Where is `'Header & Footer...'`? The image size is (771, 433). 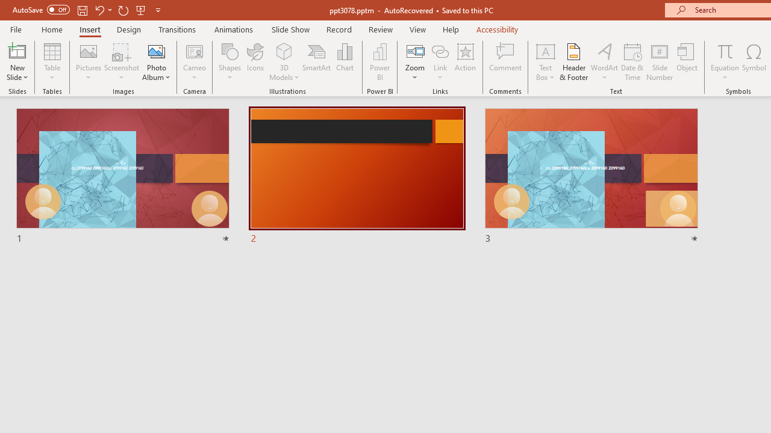 'Header & Footer...' is located at coordinates (573, 62).